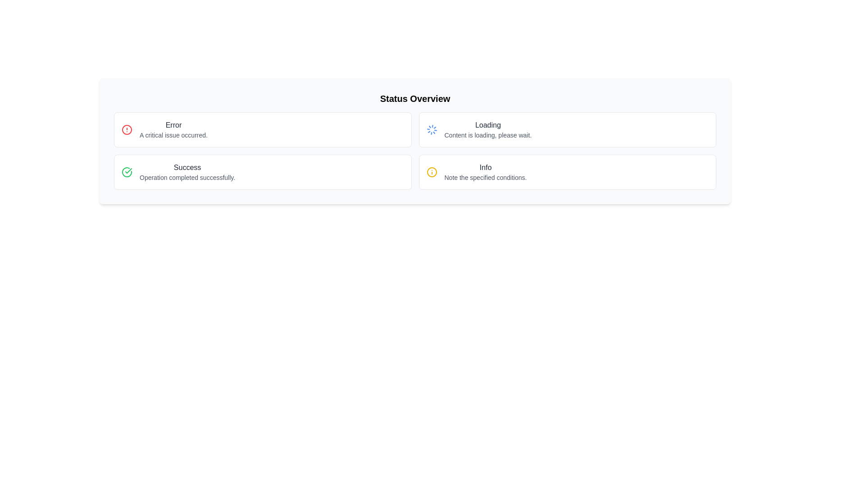 This screenshot has width=865, height=487. What do you see at coordinates (431, 172) in the screenshot?
I see `the information icon, which is a yellow circular outline with a vertical line and dot inside, located in the bottom-right section of the layout, to the left of the 'Info' text` at bounding box center [431, 172].